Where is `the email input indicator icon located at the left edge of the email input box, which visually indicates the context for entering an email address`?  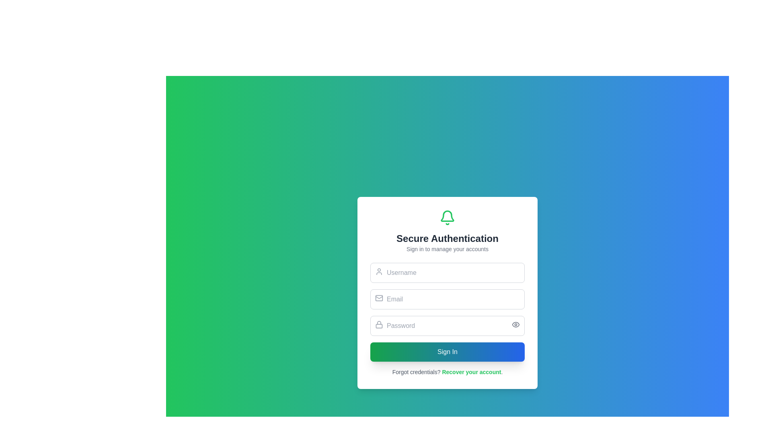
the email input indicator icon located at the left edge of the email input box, which visually indicates the context for entering an email address is located at coordinates (378, 298).